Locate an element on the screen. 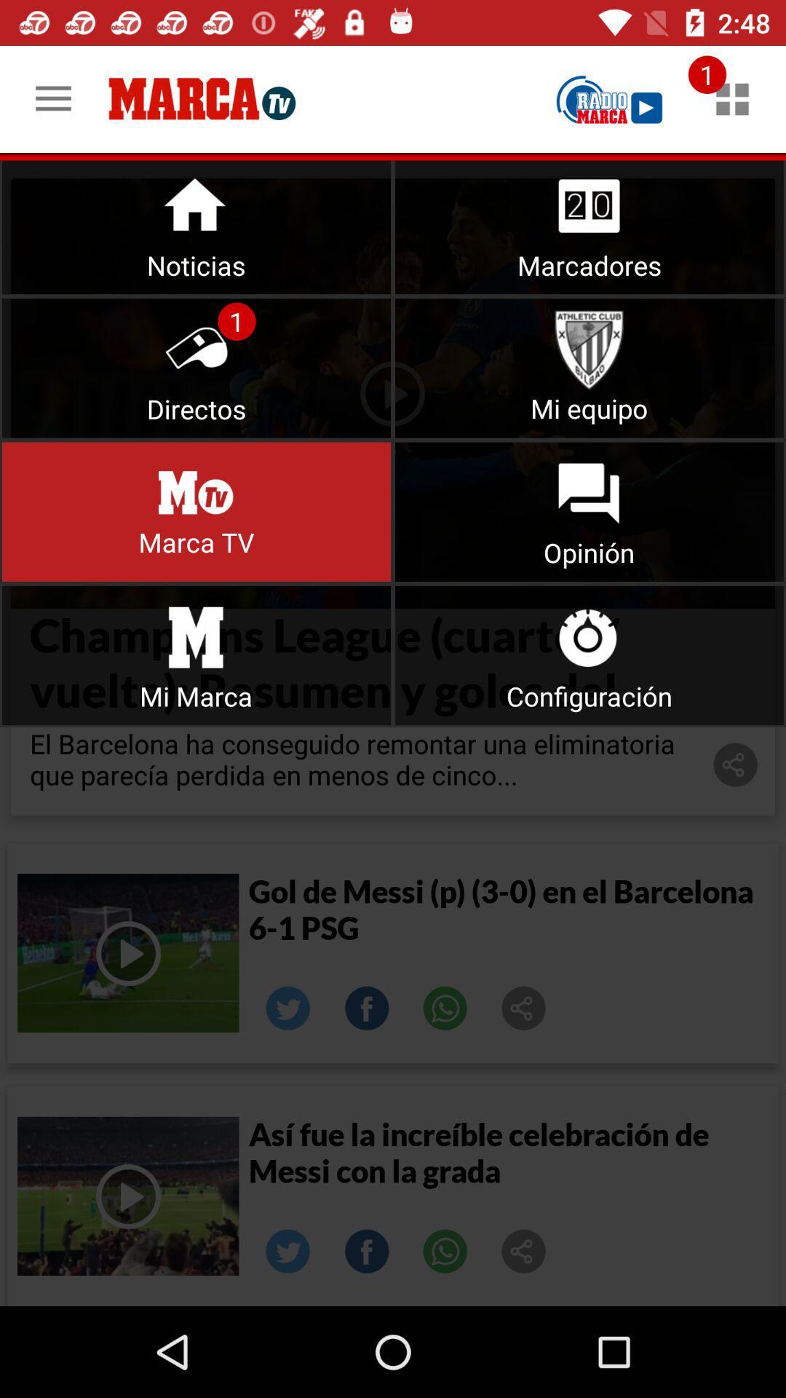  click directos is located at coordinates (196, 368).